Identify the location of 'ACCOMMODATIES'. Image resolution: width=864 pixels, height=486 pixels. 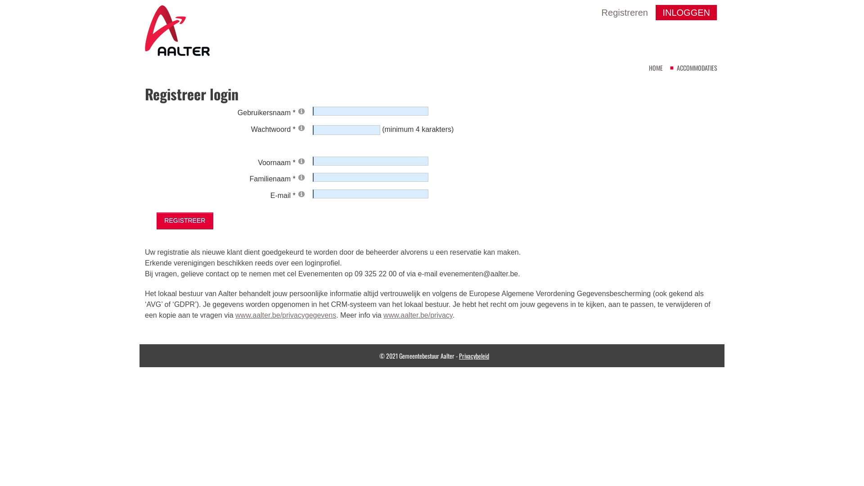
(697, 67).